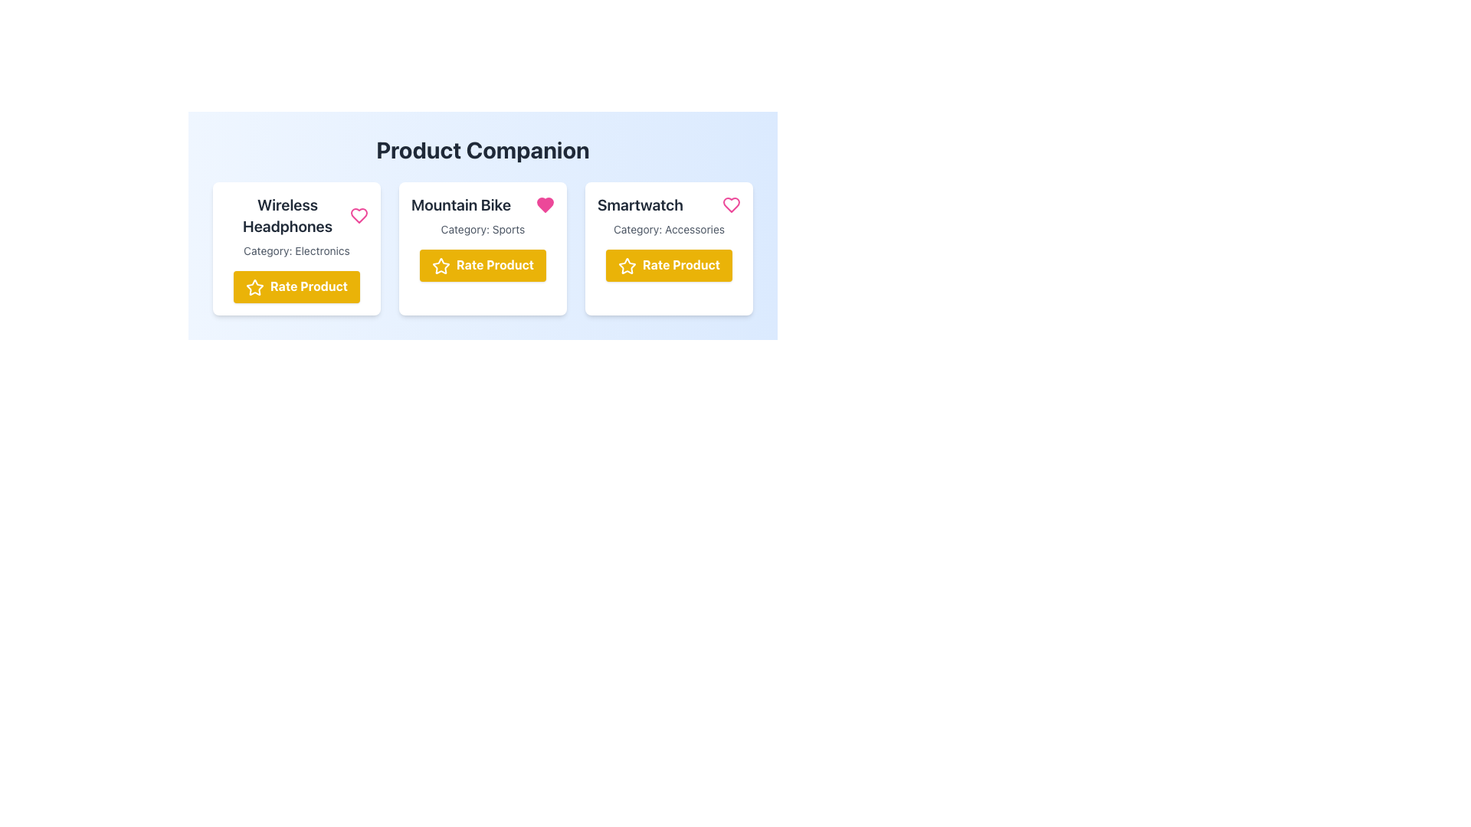 The width and height of the screenshot is (1471, 827). What do you see at coordinates (482, 204) in the screenshot?
I see `the text label displaying the product title 'Mountain Bike', which is positioned at the top of the card layout in the center column` at bounding box center [482, 204].